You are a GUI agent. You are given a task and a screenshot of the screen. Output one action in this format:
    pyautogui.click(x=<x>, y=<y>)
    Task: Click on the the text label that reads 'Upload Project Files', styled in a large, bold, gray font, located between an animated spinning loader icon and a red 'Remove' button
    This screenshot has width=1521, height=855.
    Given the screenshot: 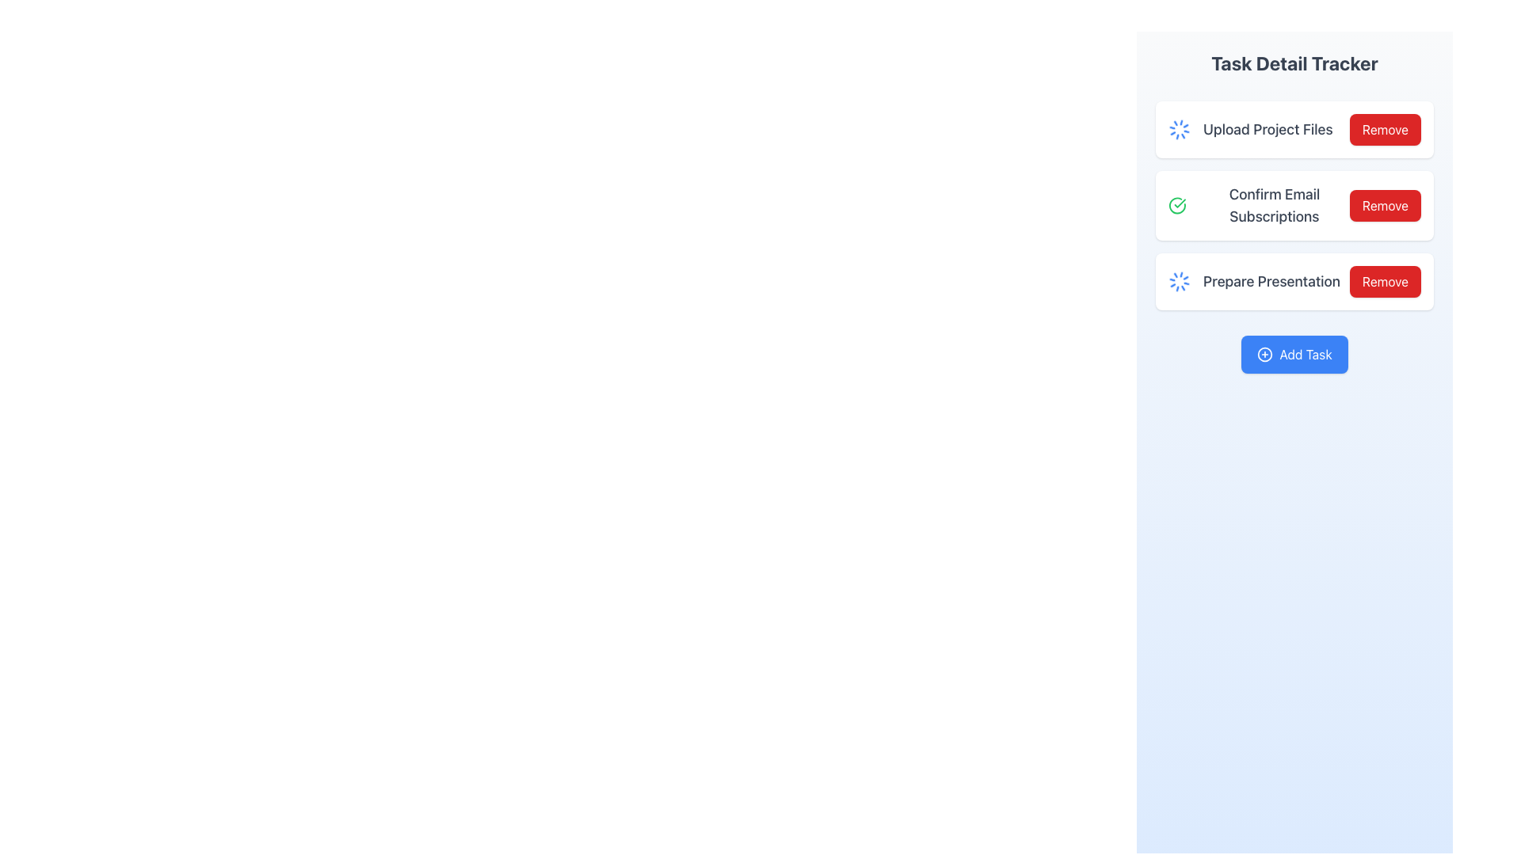 What is the action you would take?
    pyautogui.click(x=1267, y=129)
    